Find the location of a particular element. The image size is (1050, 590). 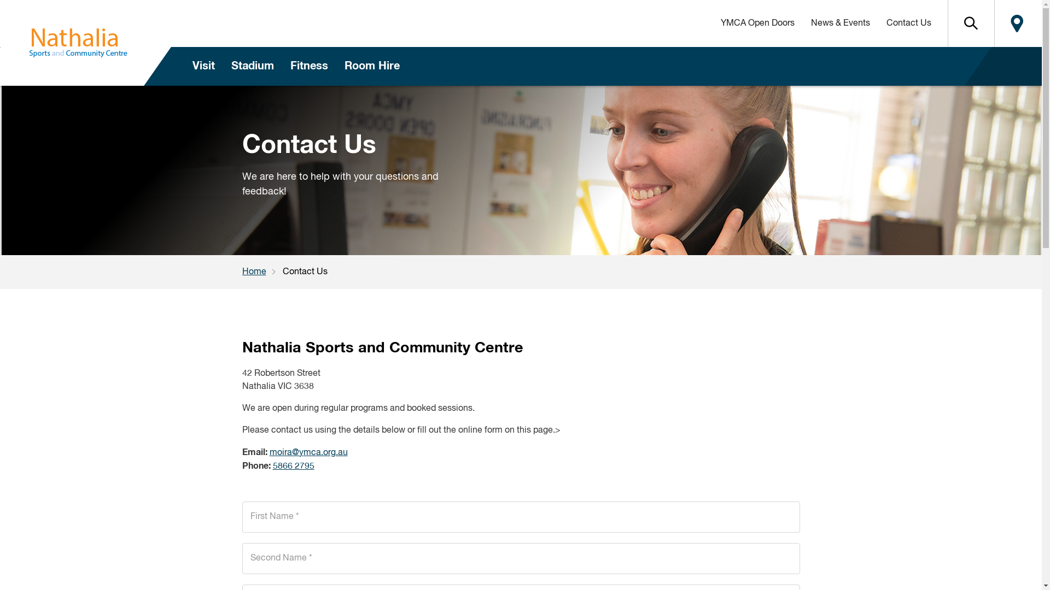

'Visit' is located at coordinates (203, 66).